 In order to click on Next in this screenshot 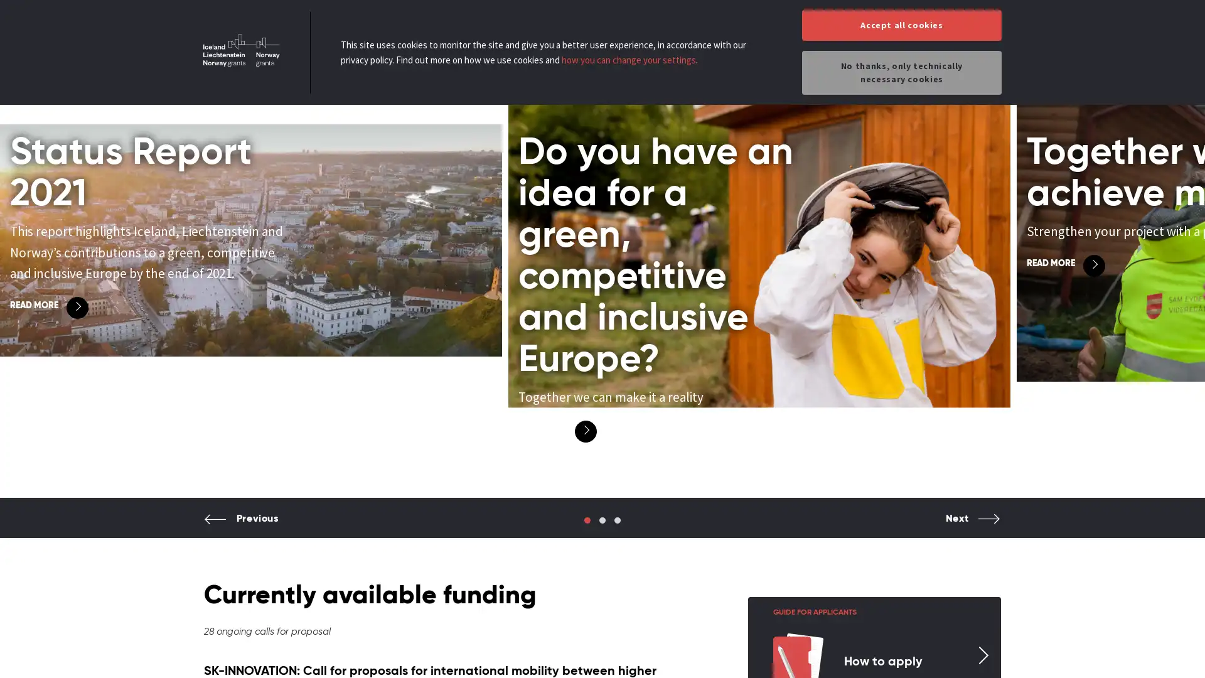, I will do `click(972, 528)`.